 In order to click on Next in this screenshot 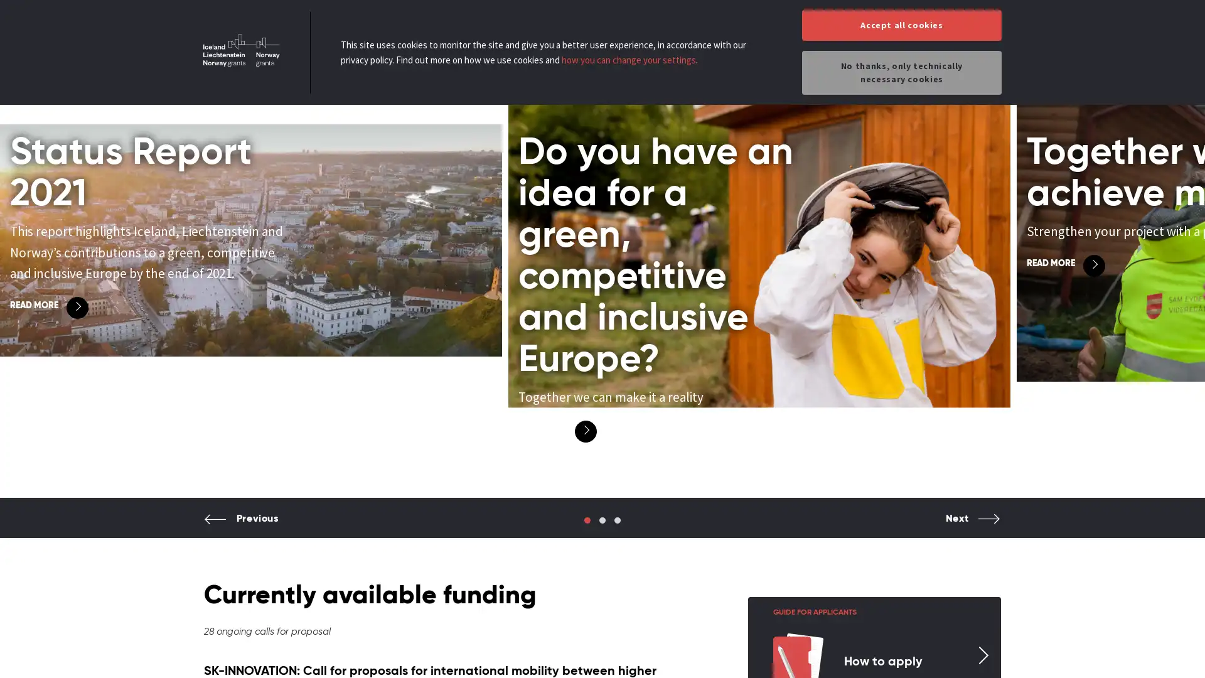, I will do `click(972, 528)`.